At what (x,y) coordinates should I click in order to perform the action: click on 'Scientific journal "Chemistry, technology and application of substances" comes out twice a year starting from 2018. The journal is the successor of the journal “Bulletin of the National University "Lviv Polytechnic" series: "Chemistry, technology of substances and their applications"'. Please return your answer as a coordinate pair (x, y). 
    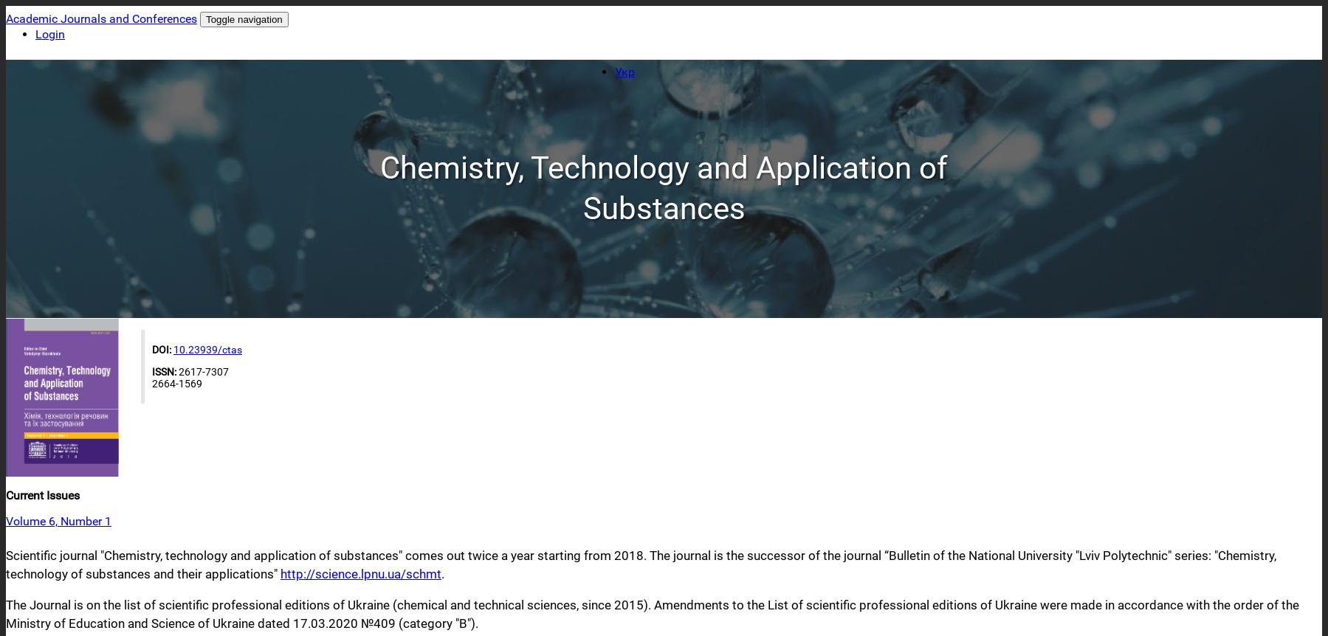
    Looking at the image, I should click on (640, 564).